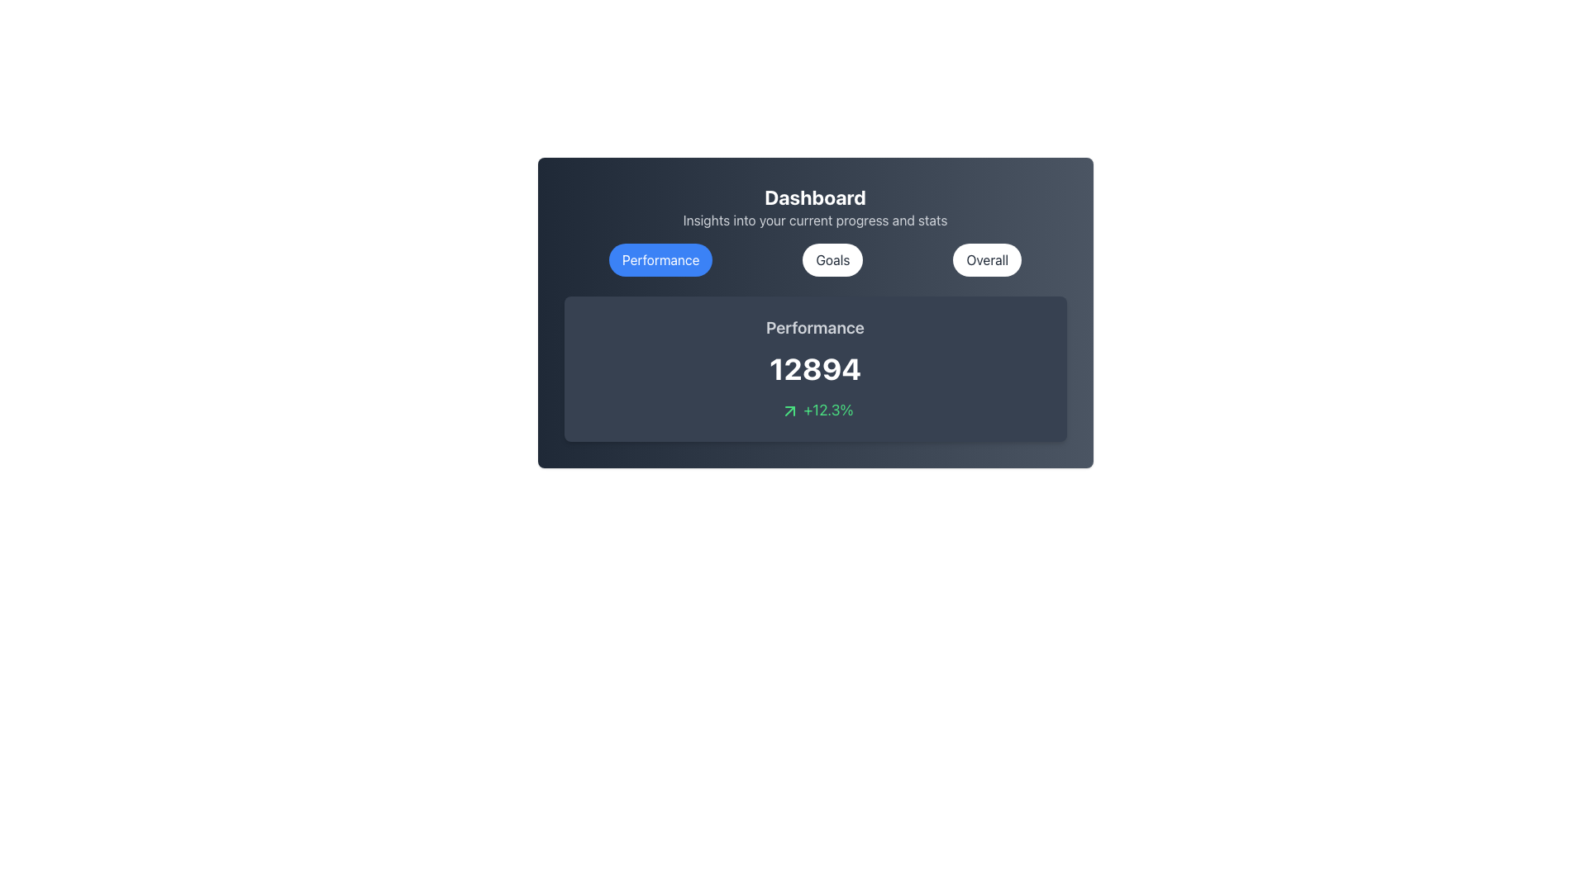 The image size is (1587, 892). Describe the element at coordinates (815, 219) in the screenshot. I see `the text element reading 'Insights into your current progress and stats,' which is styled in gray and positioned directly beneath the 'Dashboard' heading` at that location.